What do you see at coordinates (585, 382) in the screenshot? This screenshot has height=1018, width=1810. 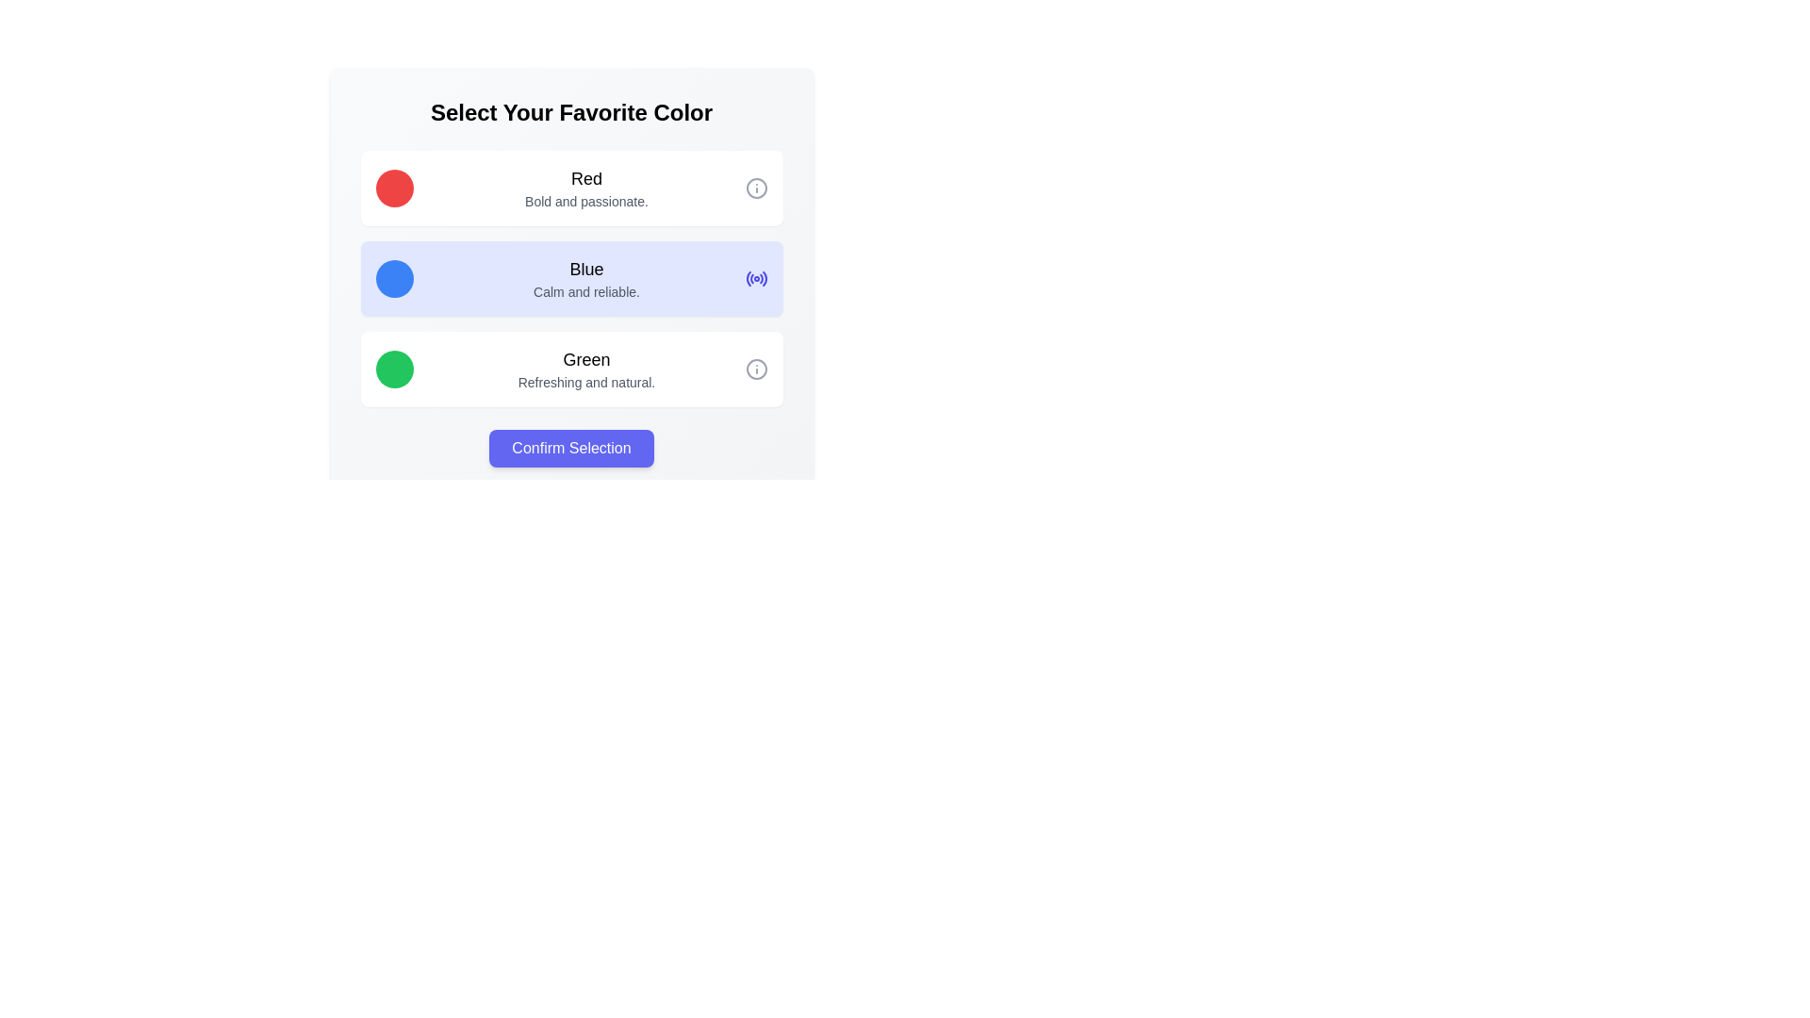 I see `the descriptive text label that provides context for the 'Green' color option, located below the title 'Green' in the third selectable option group` at bounding box center [585, 382].